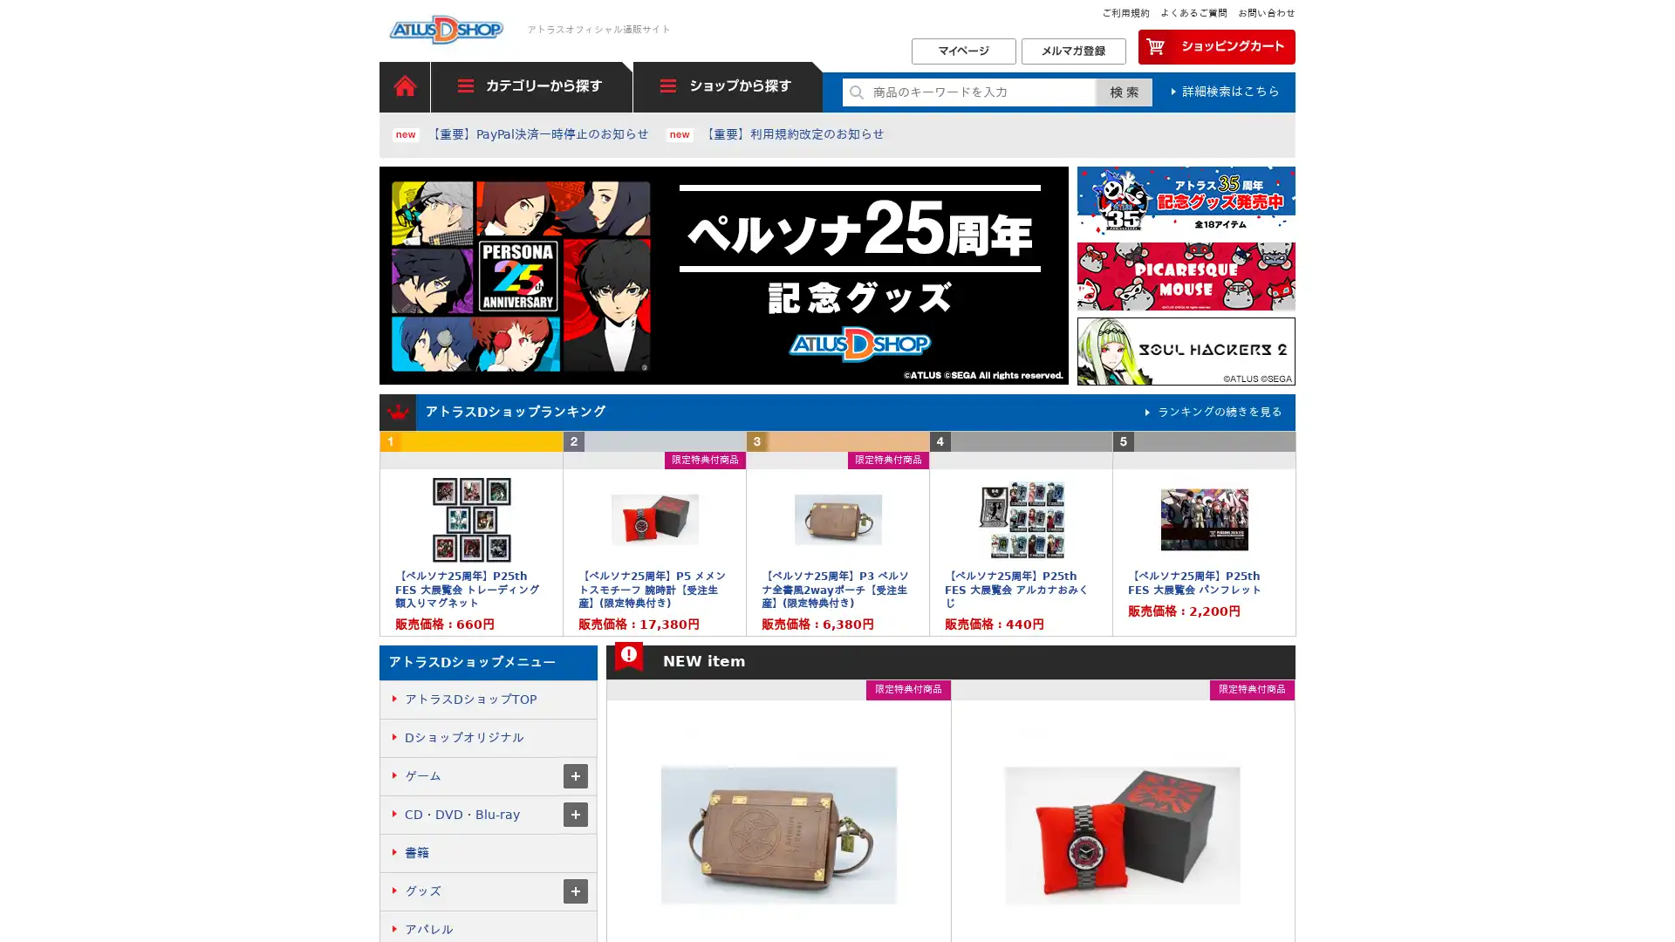  I want to click on Submit, so click(1124, 92).